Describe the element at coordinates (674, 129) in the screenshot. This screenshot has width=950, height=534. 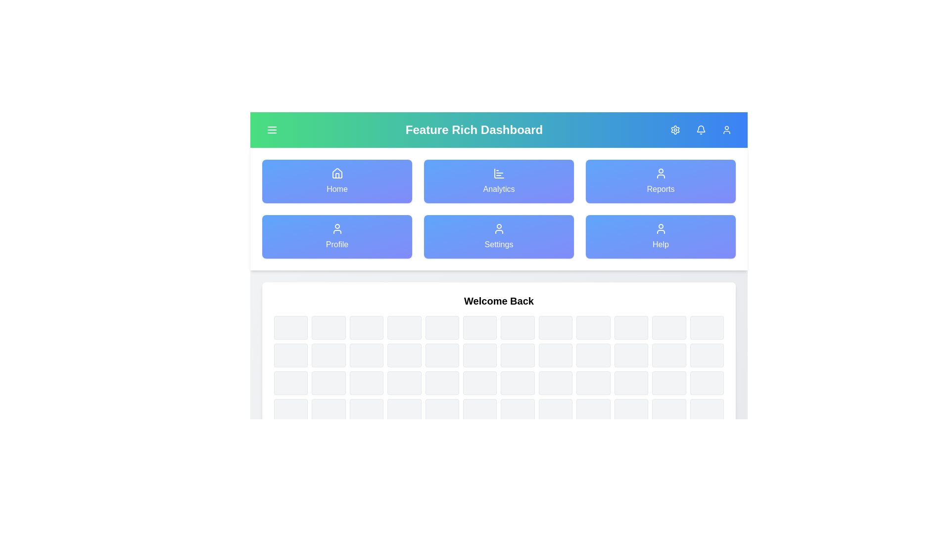
I see `'Settings' button in the app bar` at that location.